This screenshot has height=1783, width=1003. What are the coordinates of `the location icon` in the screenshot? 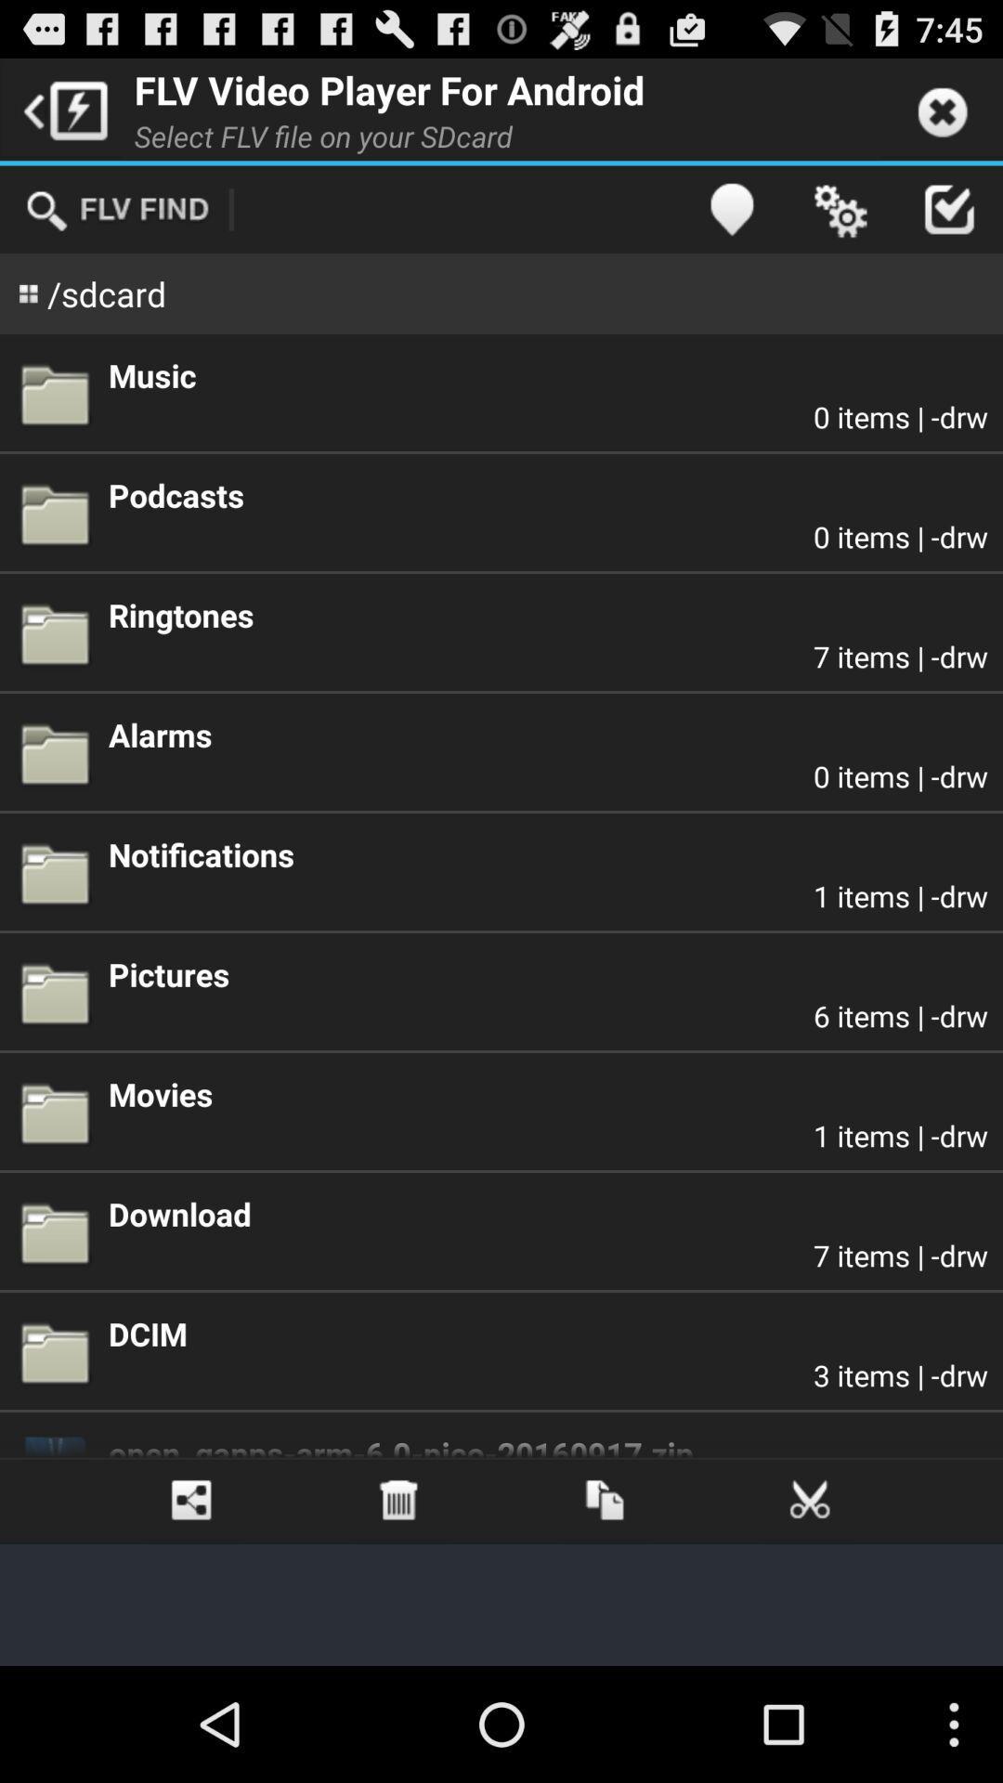 It's located at (730, 223).